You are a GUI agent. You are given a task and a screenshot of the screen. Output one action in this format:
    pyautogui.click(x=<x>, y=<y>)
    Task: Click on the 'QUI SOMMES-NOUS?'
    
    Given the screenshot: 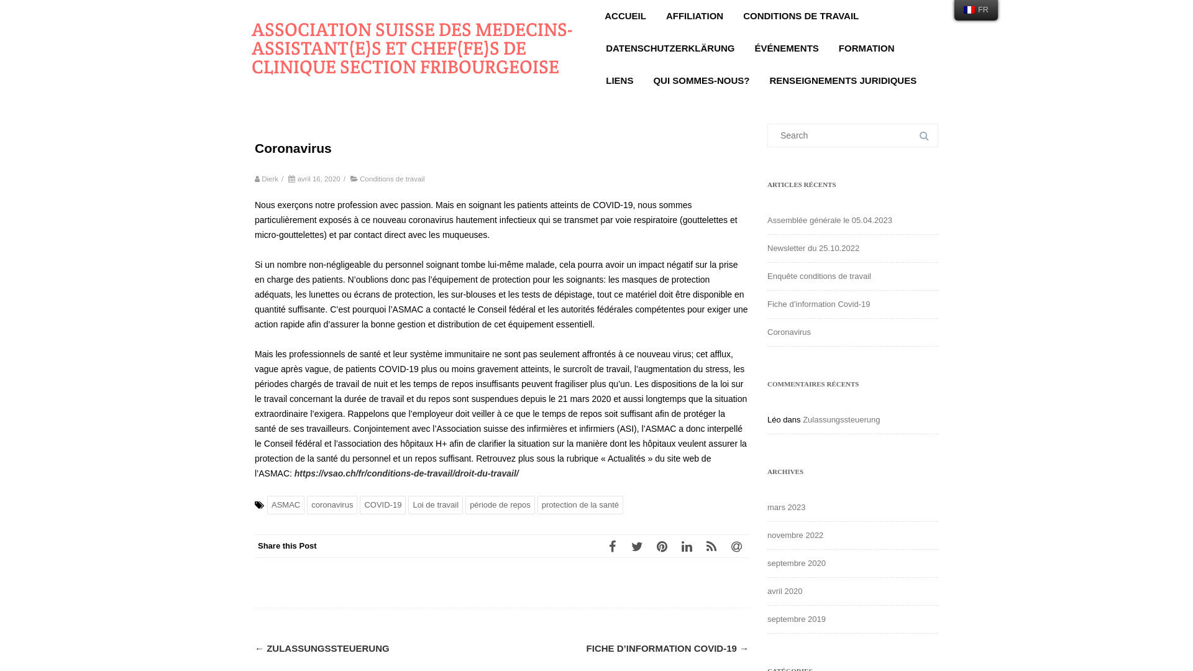 What is the action you would take?
    pyautogui.click(x=701, y=81)
    